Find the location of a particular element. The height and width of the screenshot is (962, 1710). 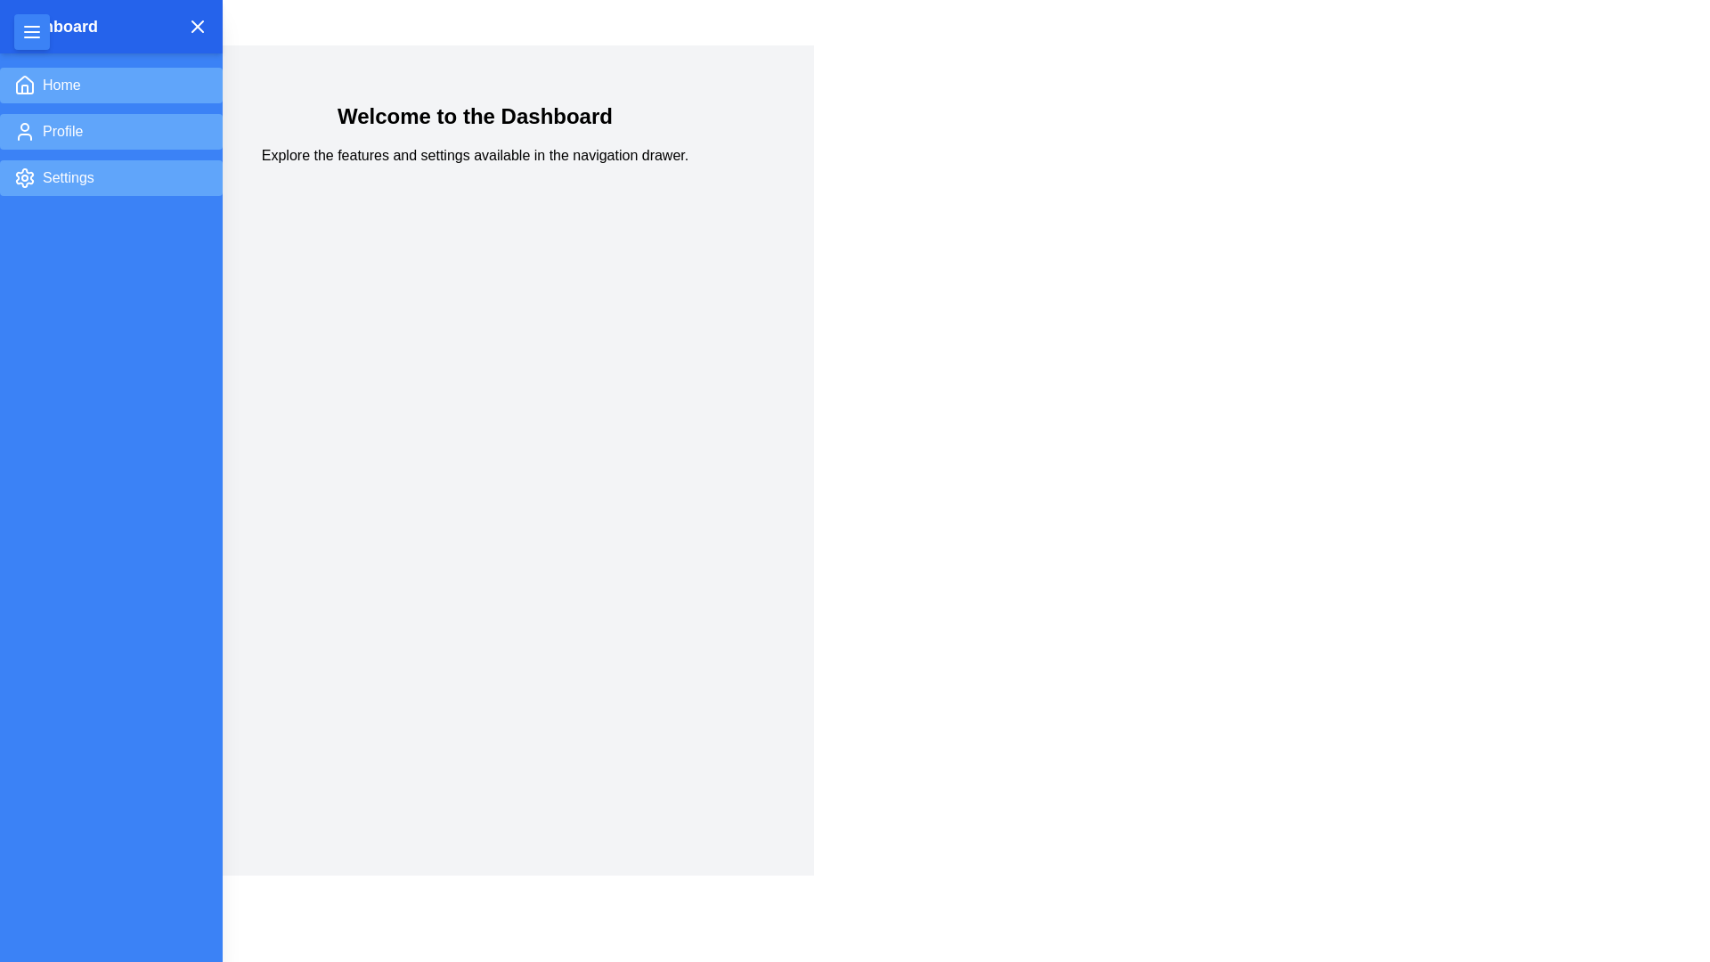

the 'menu' icon, which consists of three horizontal lines on a blue circular button, to possibly reveal a tooltip is located at coordinates (31, 31).